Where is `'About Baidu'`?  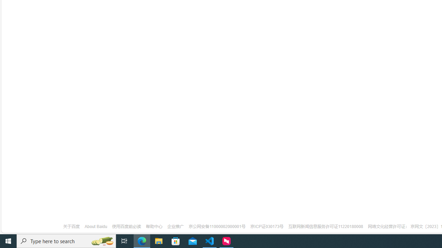
'About Baidu' is located at coordinates (95, 227).